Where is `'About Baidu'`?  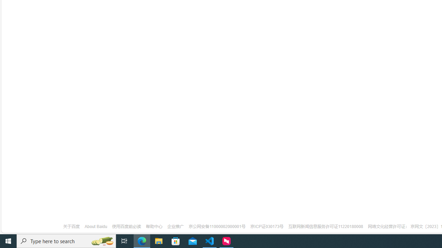
'About Baidu' is located at coordinates (95, 227).